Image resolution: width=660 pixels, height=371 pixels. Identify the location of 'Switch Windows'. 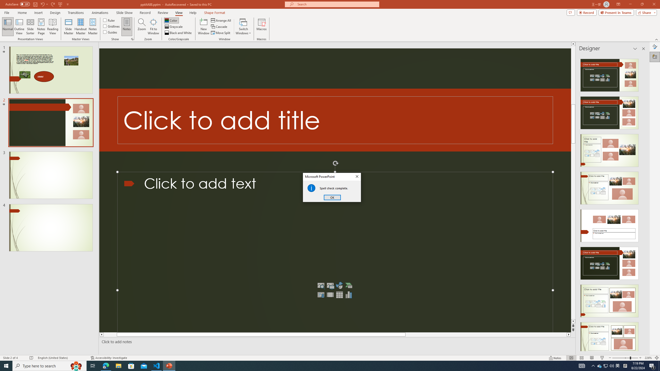
(243, 27).